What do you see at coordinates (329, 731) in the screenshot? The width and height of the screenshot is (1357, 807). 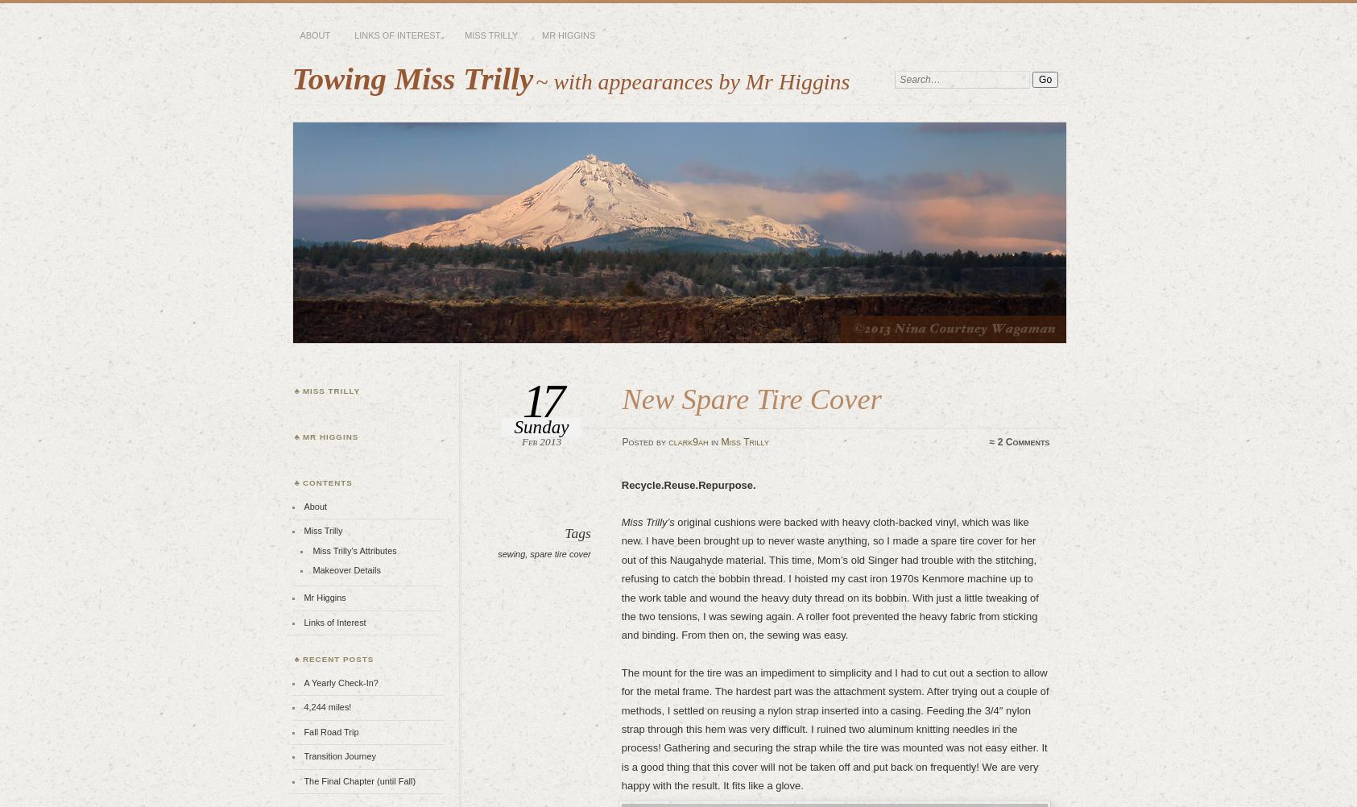 I see `'Fall Road Trip'` at bounding box center [329, 731].